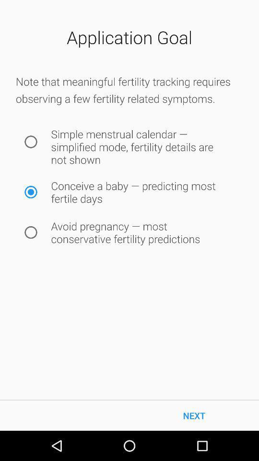 The height and width of the screenshot is (461, 259). Describe the element at coordinates (31, 141) in the screenshot. I see `the icon at the top left corner` at that location.